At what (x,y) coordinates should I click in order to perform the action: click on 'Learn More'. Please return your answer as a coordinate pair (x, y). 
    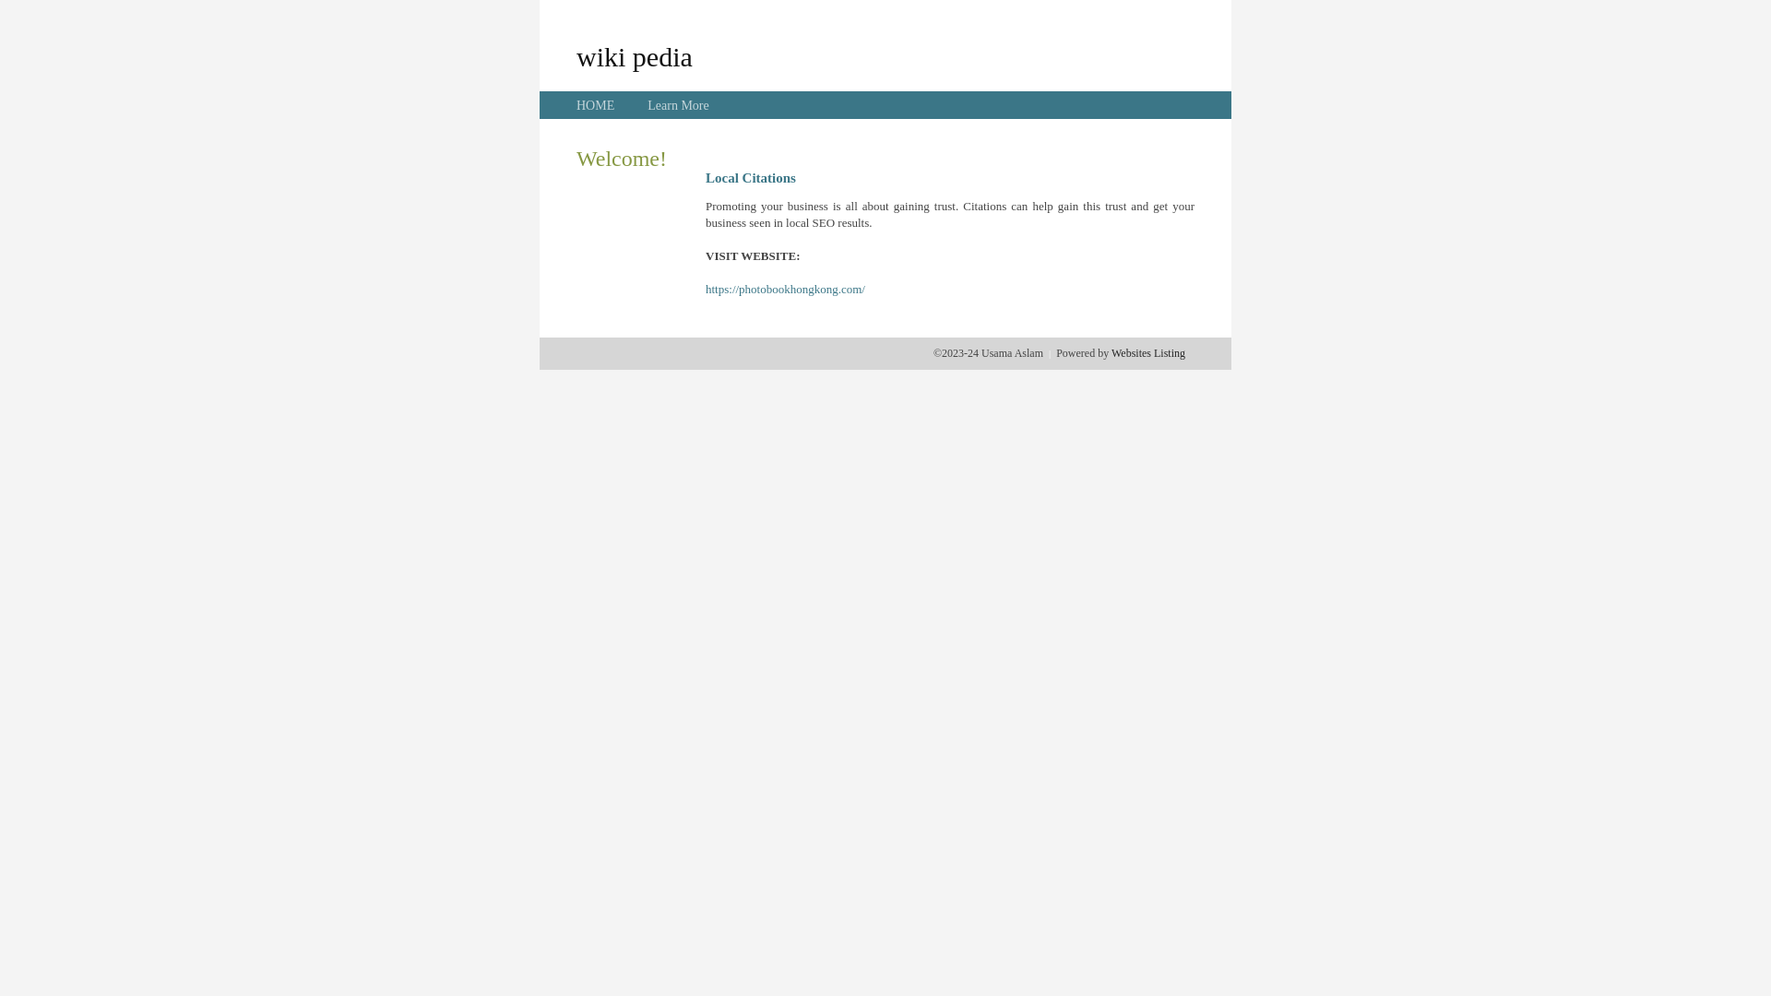
    Looking at the image, I should click on (676, 105).